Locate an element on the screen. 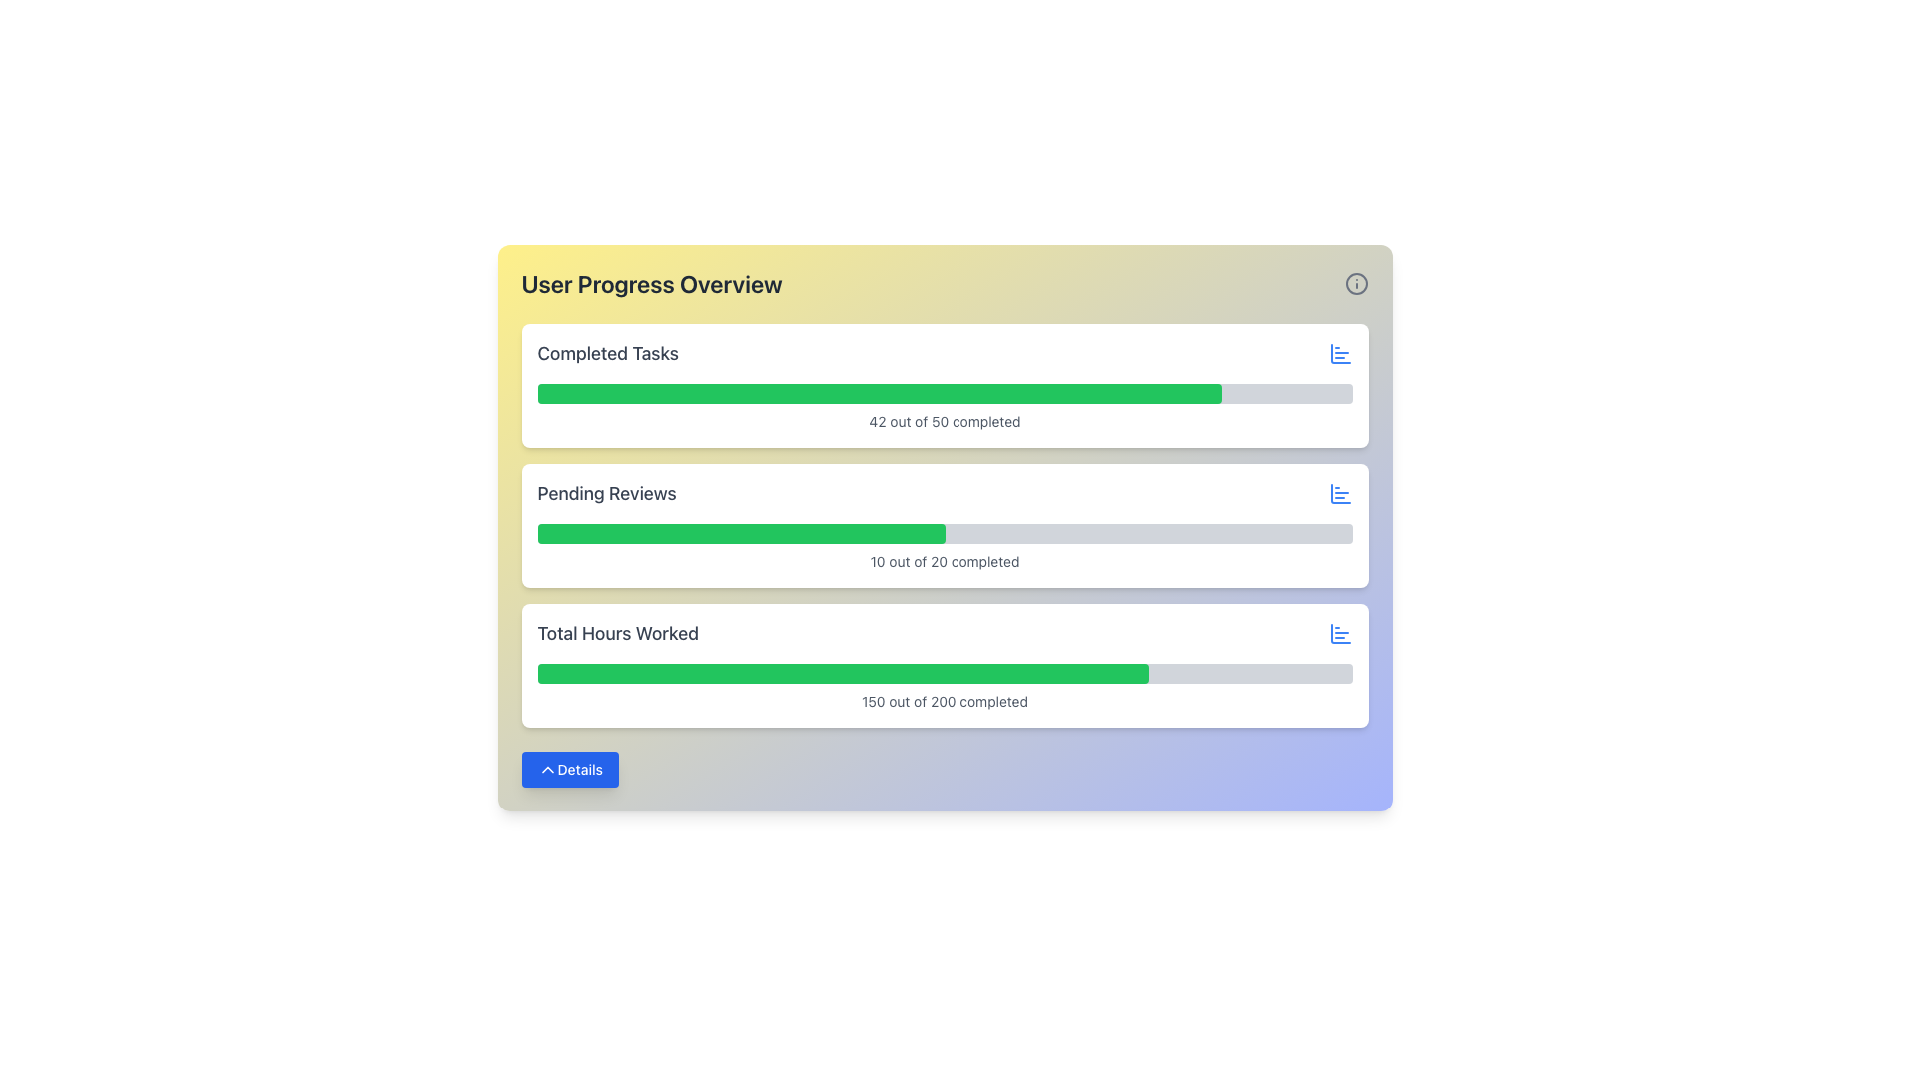  title and completion text from the informational block with progress visualization, located between the 'Completed Tasks' section and the 'Total Hours Worked' section is located at coordinates (944, 525).